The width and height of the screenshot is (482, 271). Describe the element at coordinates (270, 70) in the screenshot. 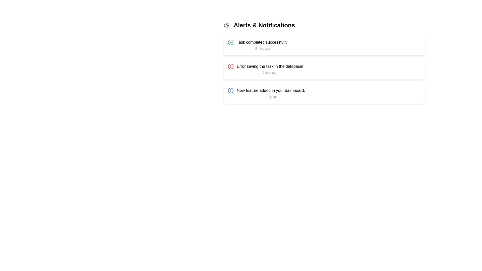

I see `message text 'Error saving the task in the database!' from the second notification entry in the alerts list` at that location.